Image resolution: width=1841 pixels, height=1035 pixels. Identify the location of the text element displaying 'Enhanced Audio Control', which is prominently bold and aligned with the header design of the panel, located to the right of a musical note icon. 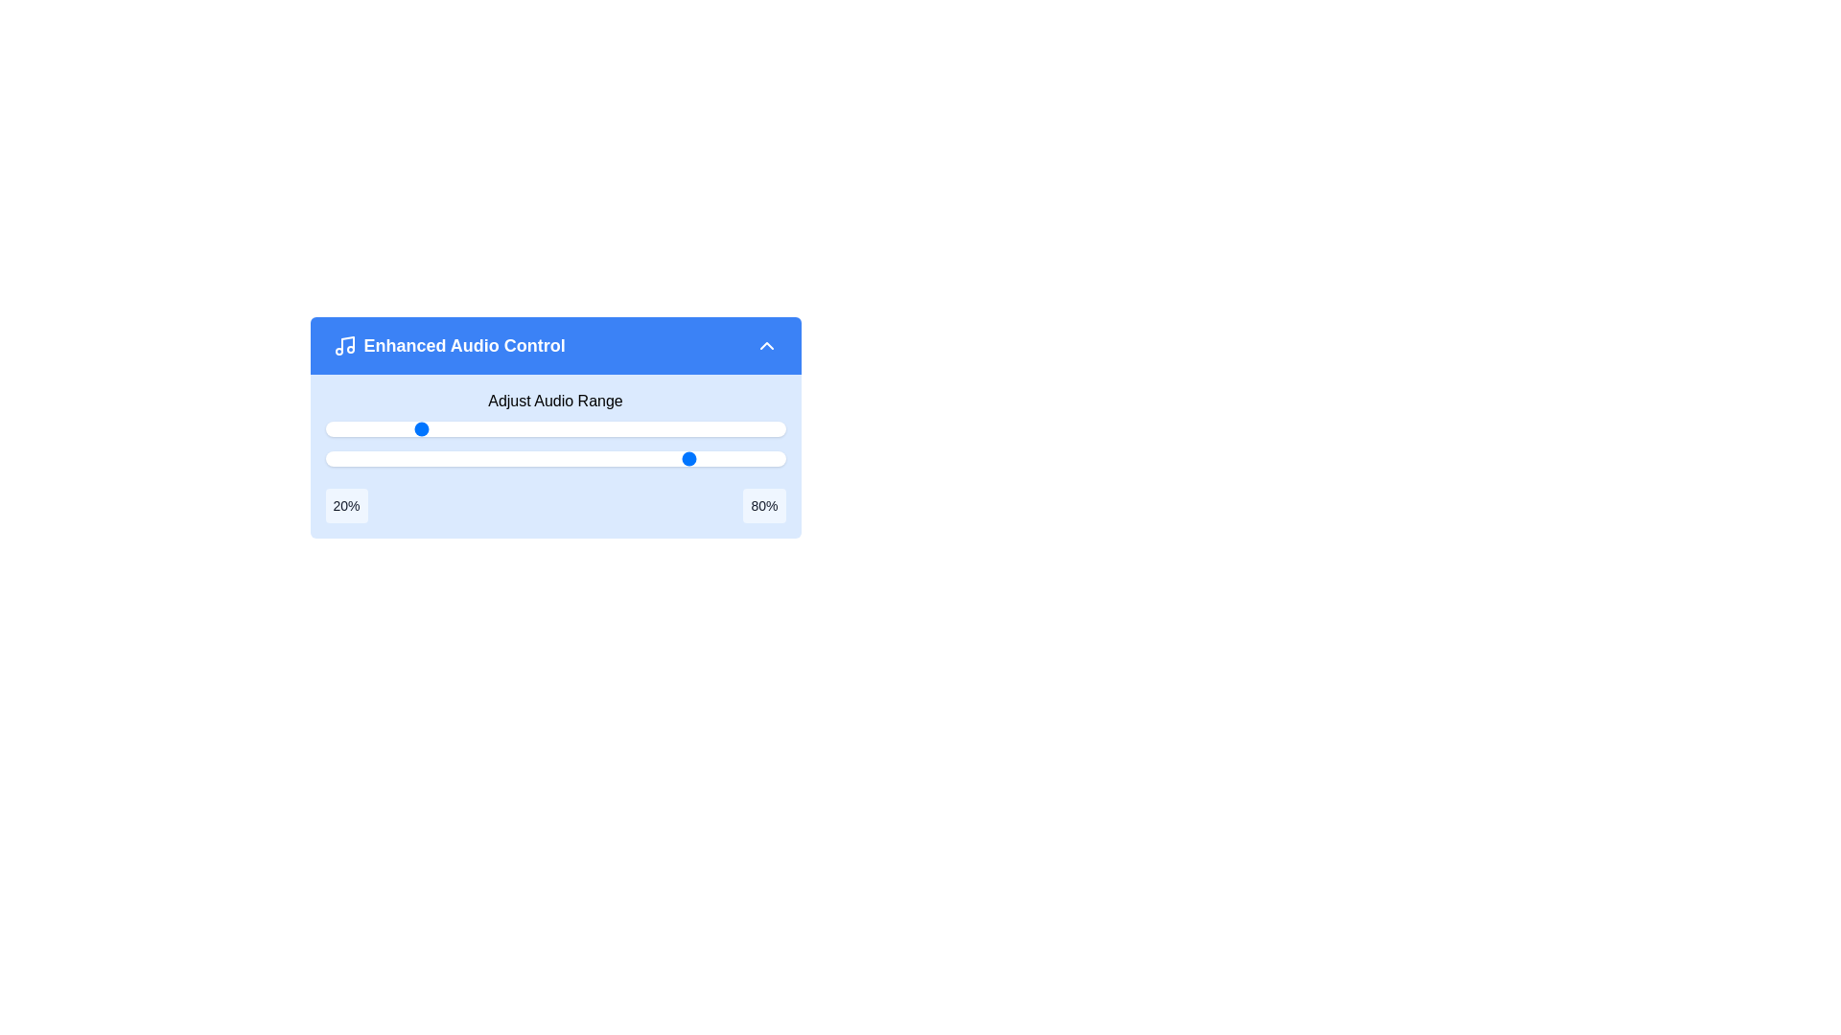
(464, 346).